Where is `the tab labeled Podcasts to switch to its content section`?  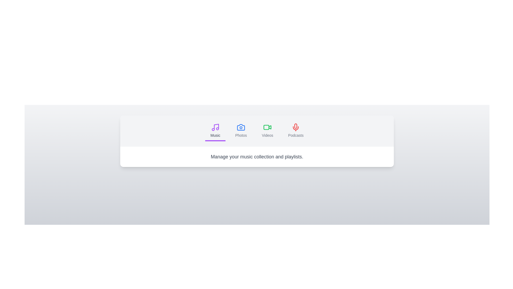
the tab labeled Podcasts to switch to its content section is located at coordinates (296, 131).